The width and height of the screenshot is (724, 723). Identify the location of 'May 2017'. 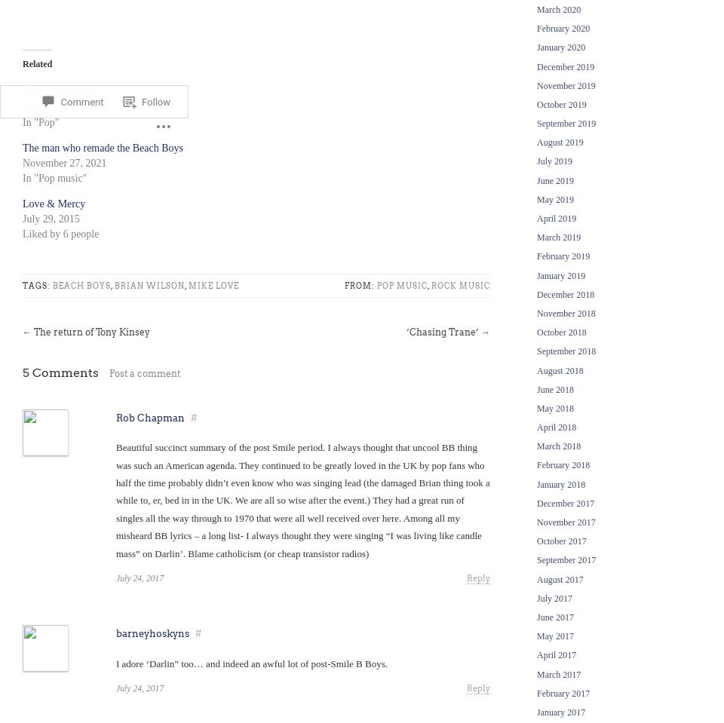
(554, 636).